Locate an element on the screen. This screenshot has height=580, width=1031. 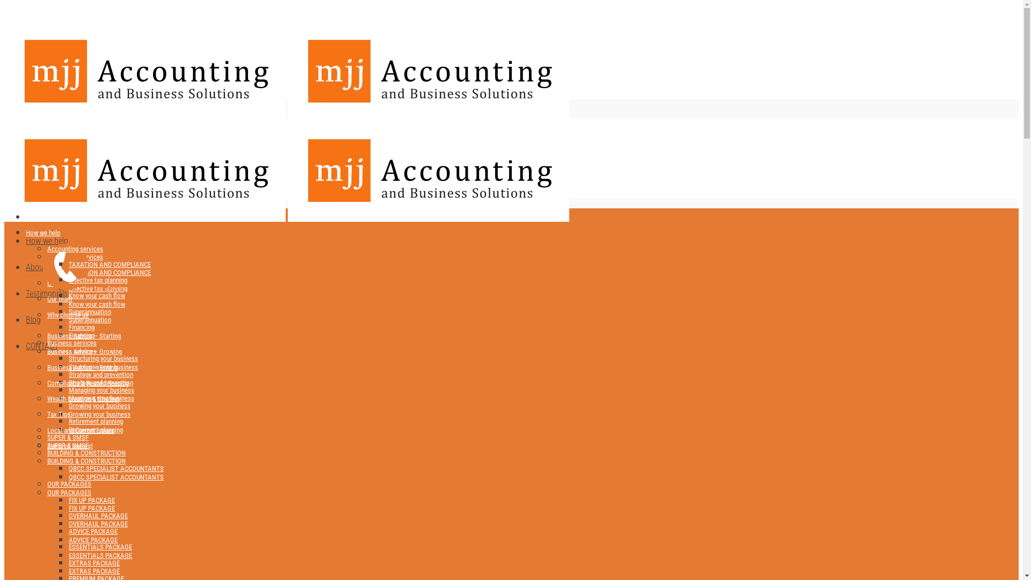
'Financing' is located at coordinates (81, 327).